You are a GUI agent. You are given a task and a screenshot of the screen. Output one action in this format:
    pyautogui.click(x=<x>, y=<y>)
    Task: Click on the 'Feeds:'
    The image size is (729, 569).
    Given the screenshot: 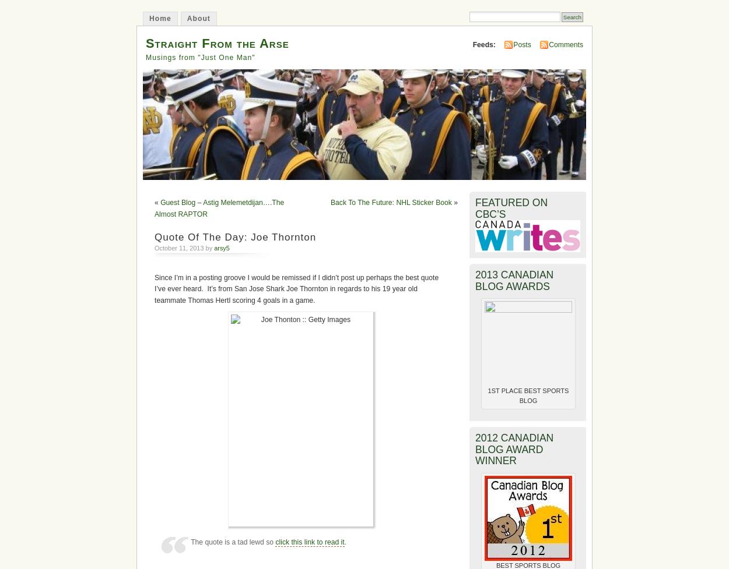 What is the action you would take?
    pyautogui.click(x=483, y=44)
    